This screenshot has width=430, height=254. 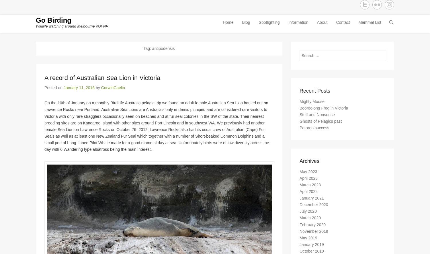 What do you see at coordinates (311, 200) in the screenshot?
I see `'January 2021'` at bounding box center [311, 200].